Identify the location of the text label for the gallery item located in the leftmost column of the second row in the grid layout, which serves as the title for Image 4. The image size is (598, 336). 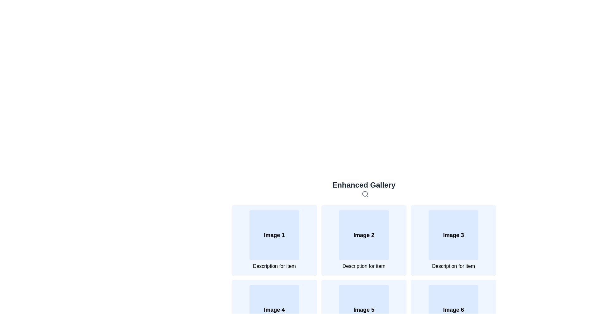
(274, 310).